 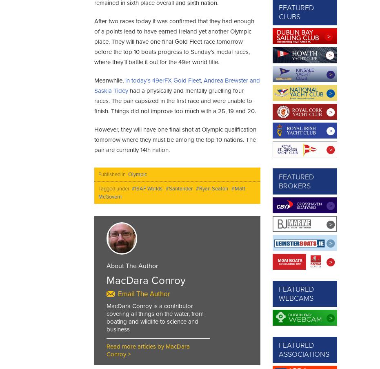 I want to click on 'Email The Author', so click(x=144, y=293).